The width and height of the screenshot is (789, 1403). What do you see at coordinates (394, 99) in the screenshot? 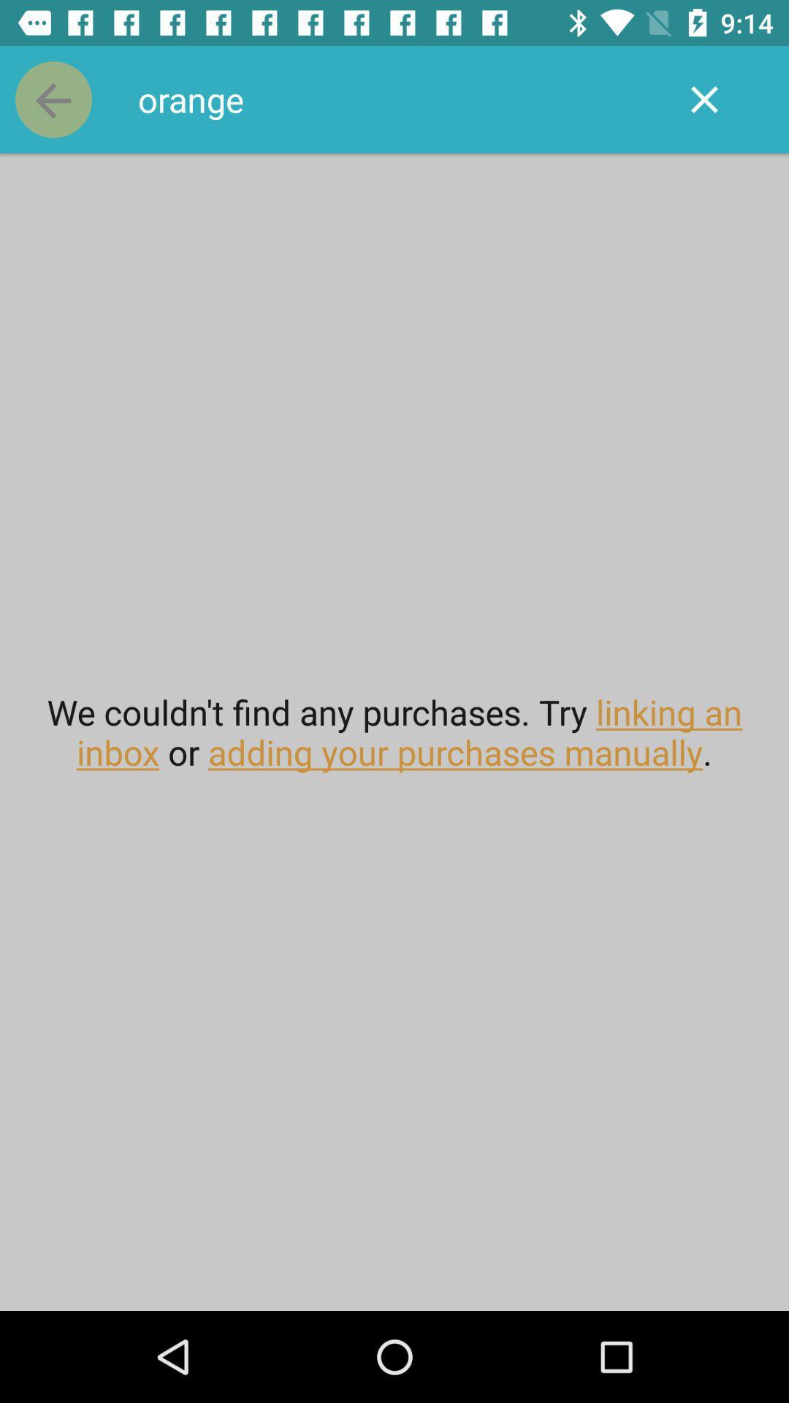
I see `the orange item` at bounding box center [394, 99].